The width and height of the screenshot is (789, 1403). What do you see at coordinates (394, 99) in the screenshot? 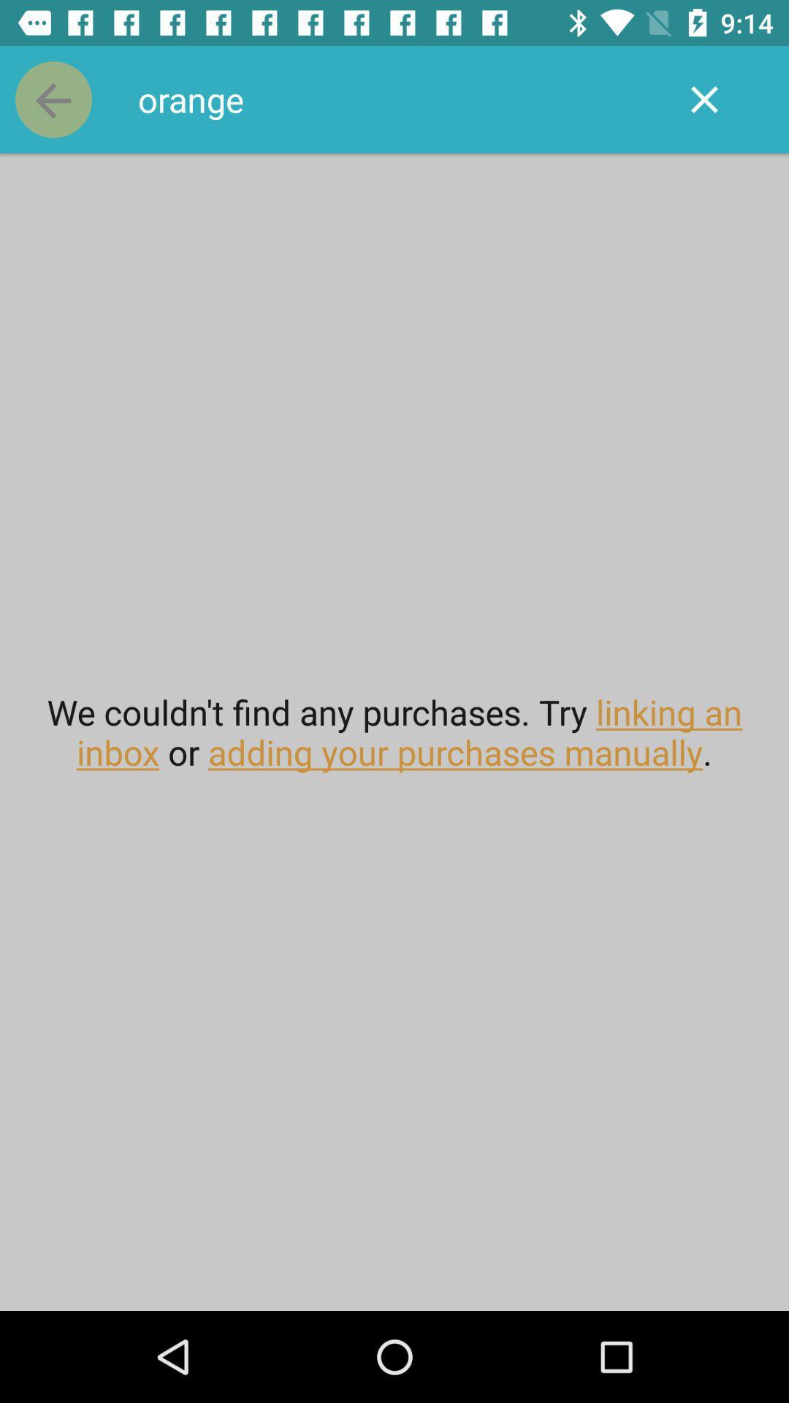
I see `the orange item` at bounding box center [394, 99].